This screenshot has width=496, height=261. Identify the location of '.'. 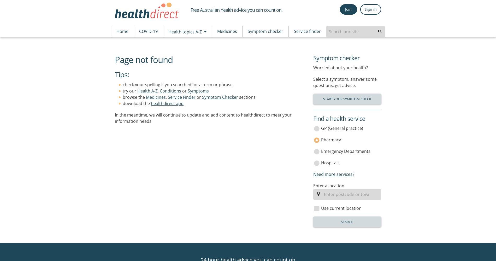
(184, 103).